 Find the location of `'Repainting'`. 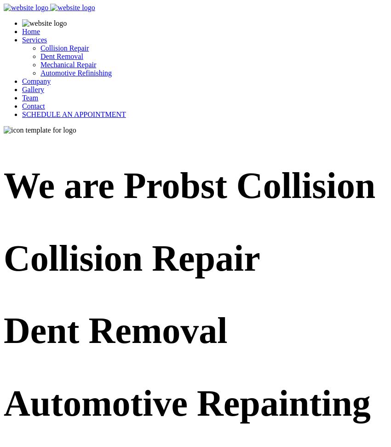

'Repainting' is located at coordinates (282, 402).